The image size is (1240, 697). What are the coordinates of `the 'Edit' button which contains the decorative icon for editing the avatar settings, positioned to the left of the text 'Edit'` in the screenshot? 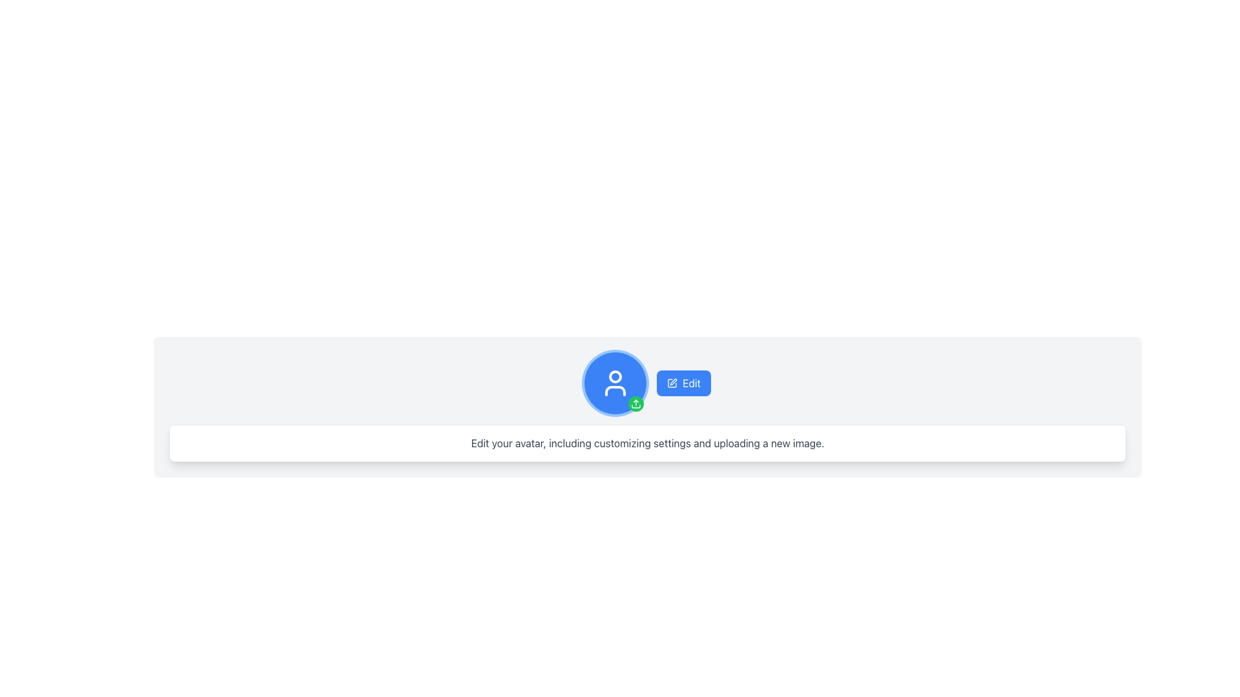 It's located at (672, 383).